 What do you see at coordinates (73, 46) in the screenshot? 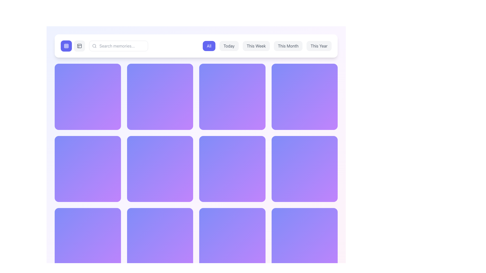
I see `the view mode selector button group located at the upper-left corner of the interface` at bounding box center [73, 46].